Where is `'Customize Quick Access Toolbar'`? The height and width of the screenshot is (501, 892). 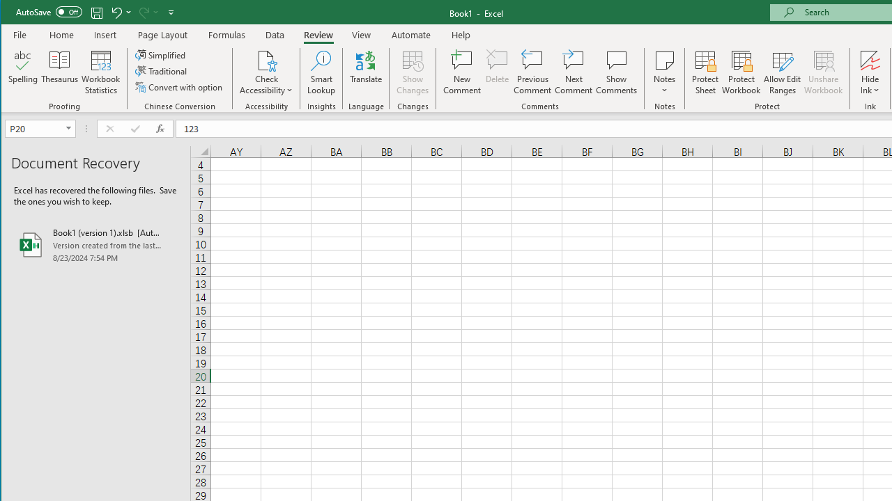 'Customize Quick Access Toolbar' is located at coordinates (170, 12).